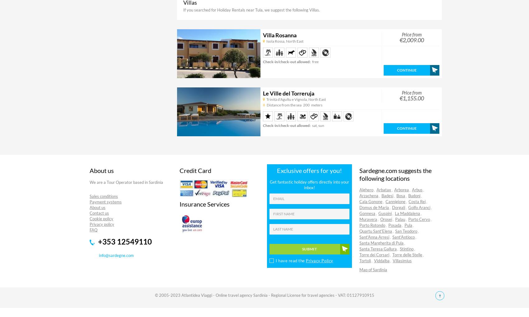  I want to click on 'Contact us', so click(99, 212).